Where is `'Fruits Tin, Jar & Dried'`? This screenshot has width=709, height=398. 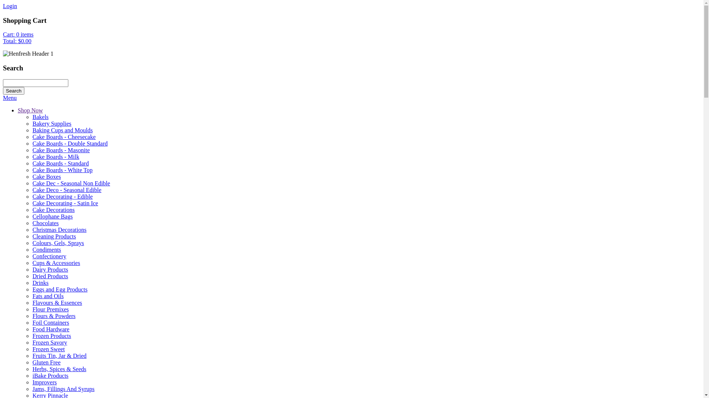 'Fruits Tin, Jar & Dried' is located at coordinates (59, 355).